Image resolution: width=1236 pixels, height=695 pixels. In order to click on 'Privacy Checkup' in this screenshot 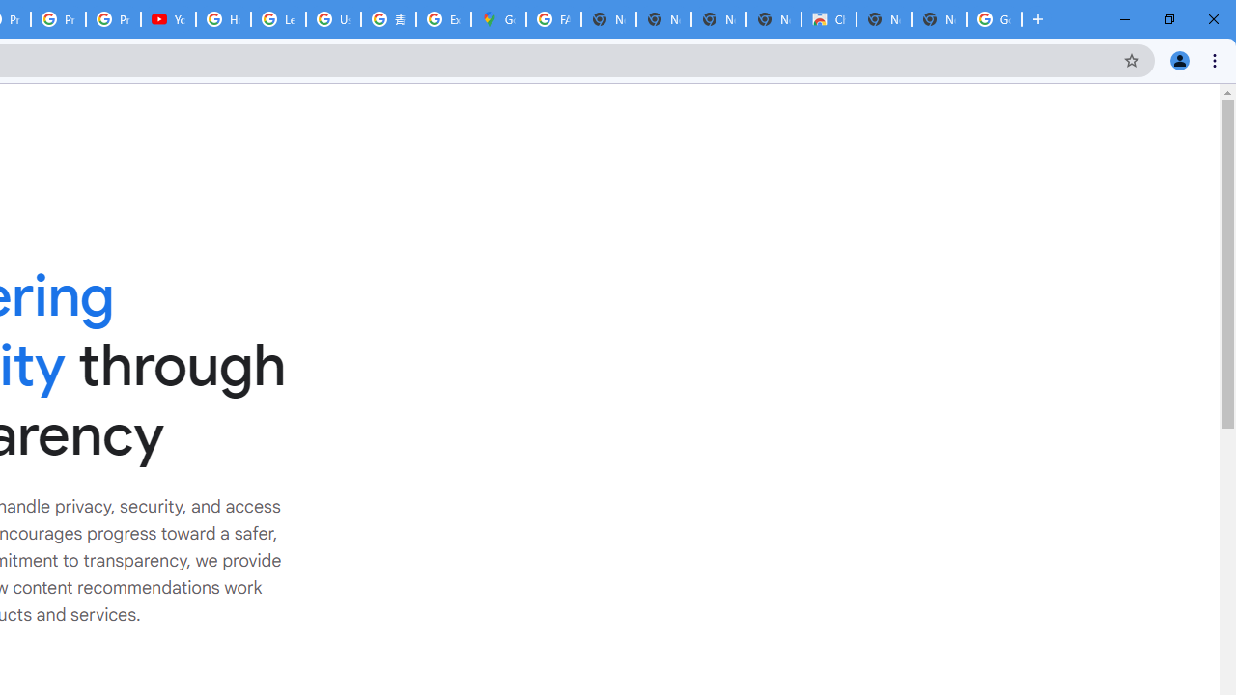, I will do `click(58, 19)`.